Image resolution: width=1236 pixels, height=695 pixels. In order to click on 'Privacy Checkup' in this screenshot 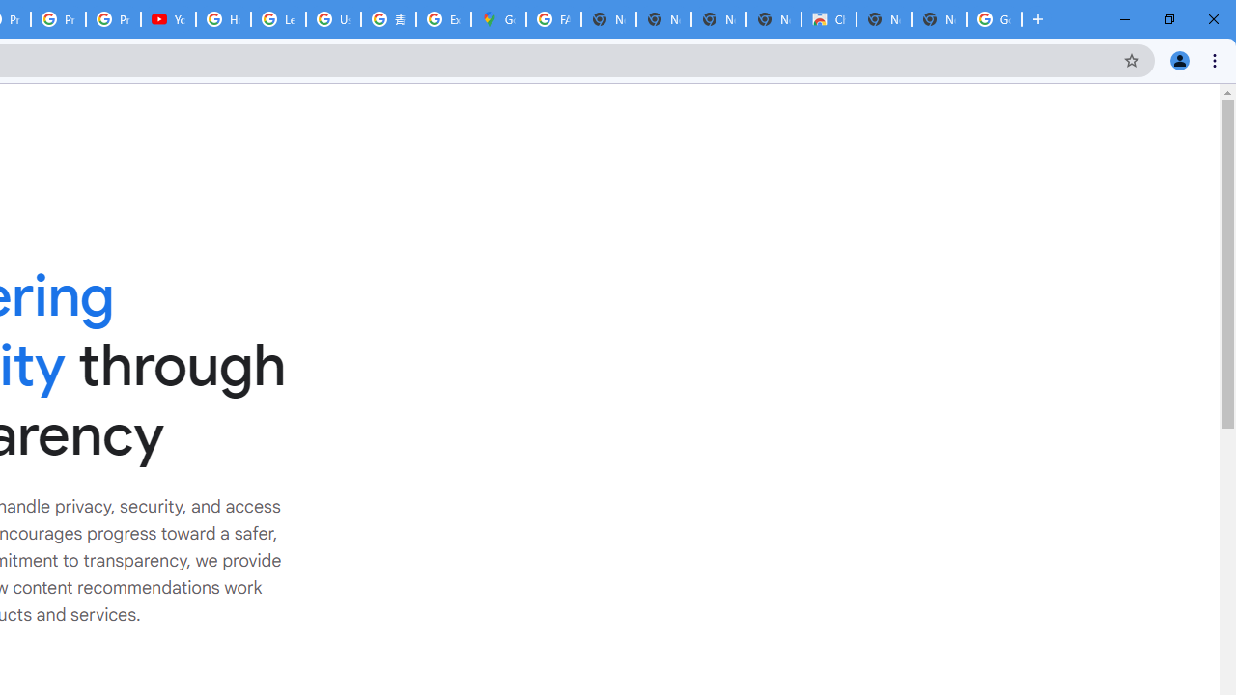, I will do `click(58, 19)`.